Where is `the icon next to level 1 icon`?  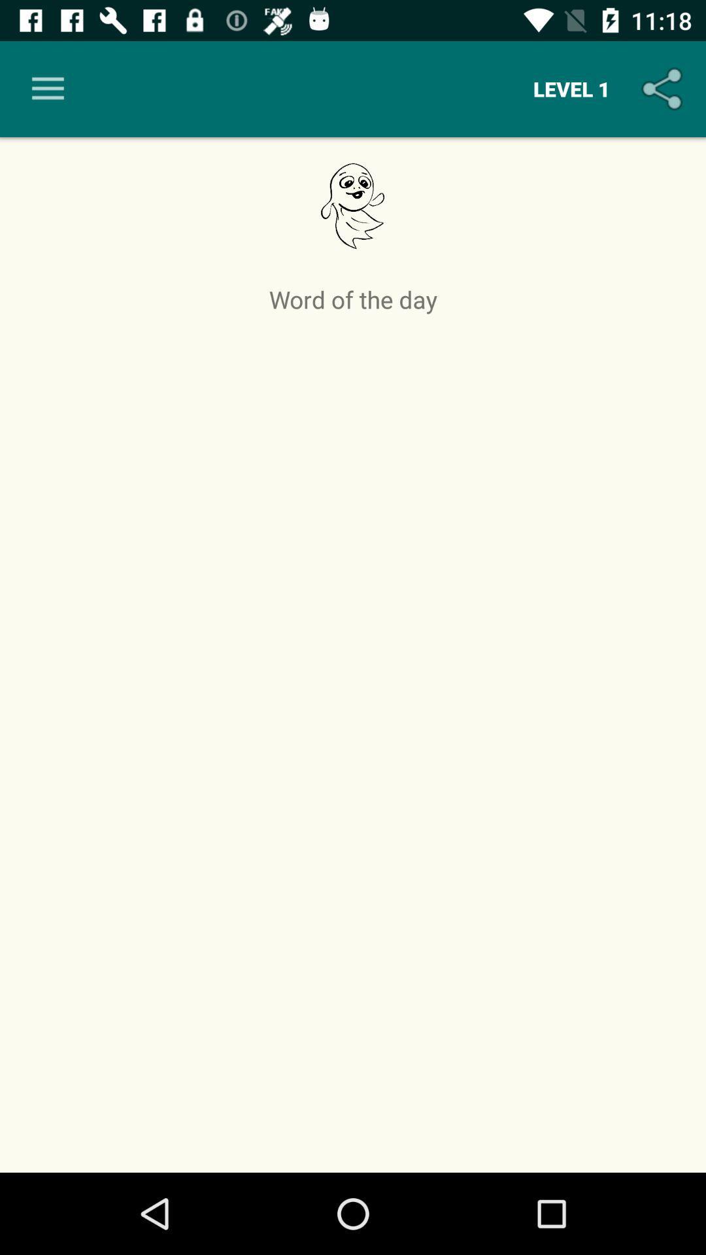 the icon next to level 1 icon is located at coordinates (47, 88).